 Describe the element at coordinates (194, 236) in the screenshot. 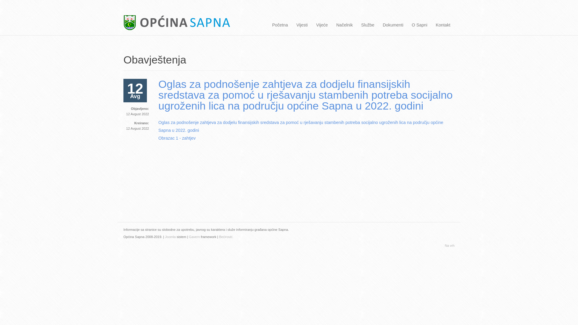

I see `'Gavern'` at that location.